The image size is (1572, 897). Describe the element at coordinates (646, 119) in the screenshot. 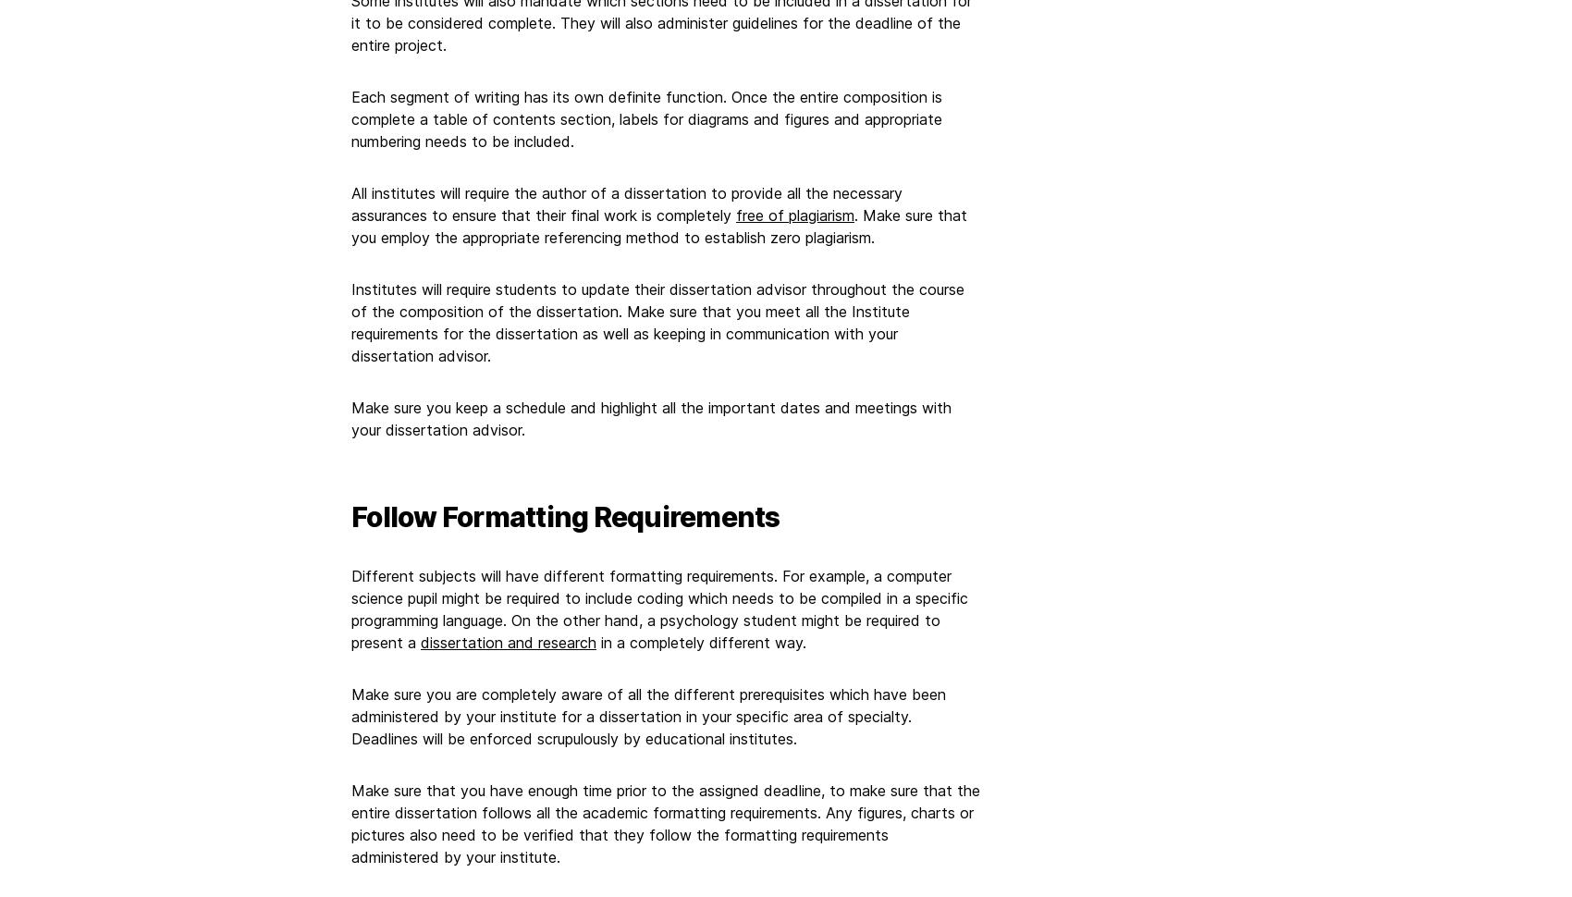

I see `'Each segment of writing has its own definite function. Once the entire composition is complete a table of contents section, labels for diagrams and figures and appropriate numbering needs to be included.'` at that location.